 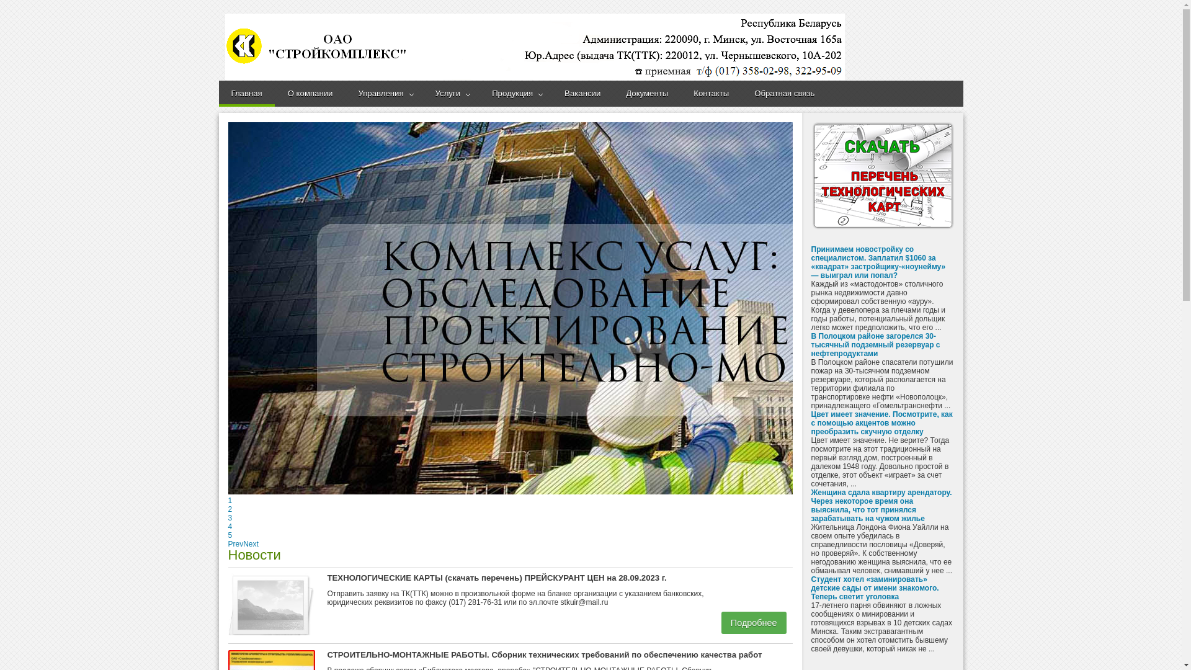 What do you see at coordinates (230, 517) in the screenshot?
I see `'3'` at bounding box center [230, 517].